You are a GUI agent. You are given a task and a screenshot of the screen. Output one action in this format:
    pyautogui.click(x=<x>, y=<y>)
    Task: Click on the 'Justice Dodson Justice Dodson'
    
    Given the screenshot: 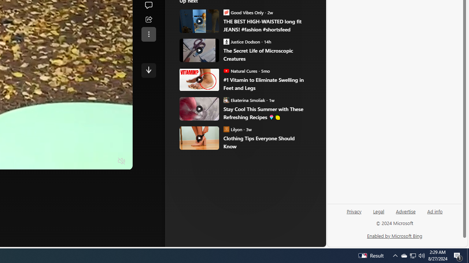 What is the action you would take?
    pyautogui.click(x=242, y=41)
    